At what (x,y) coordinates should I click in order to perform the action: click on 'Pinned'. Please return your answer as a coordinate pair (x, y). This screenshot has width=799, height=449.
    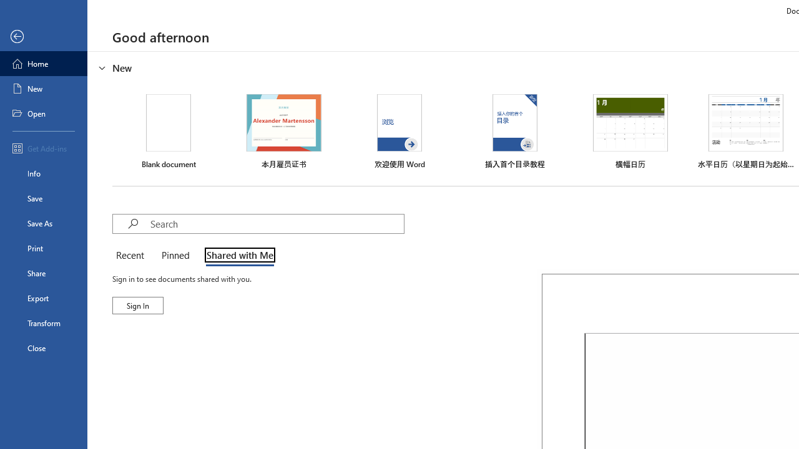
    Looking at the image, I should click on (174, 256).